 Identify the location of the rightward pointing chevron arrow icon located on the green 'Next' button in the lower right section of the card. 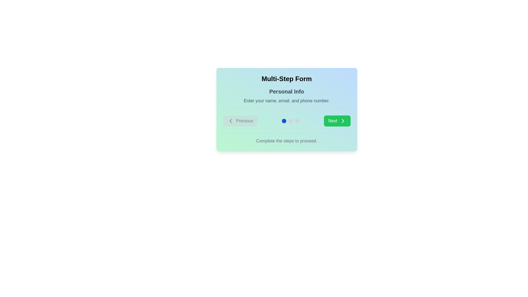
(342, 120).